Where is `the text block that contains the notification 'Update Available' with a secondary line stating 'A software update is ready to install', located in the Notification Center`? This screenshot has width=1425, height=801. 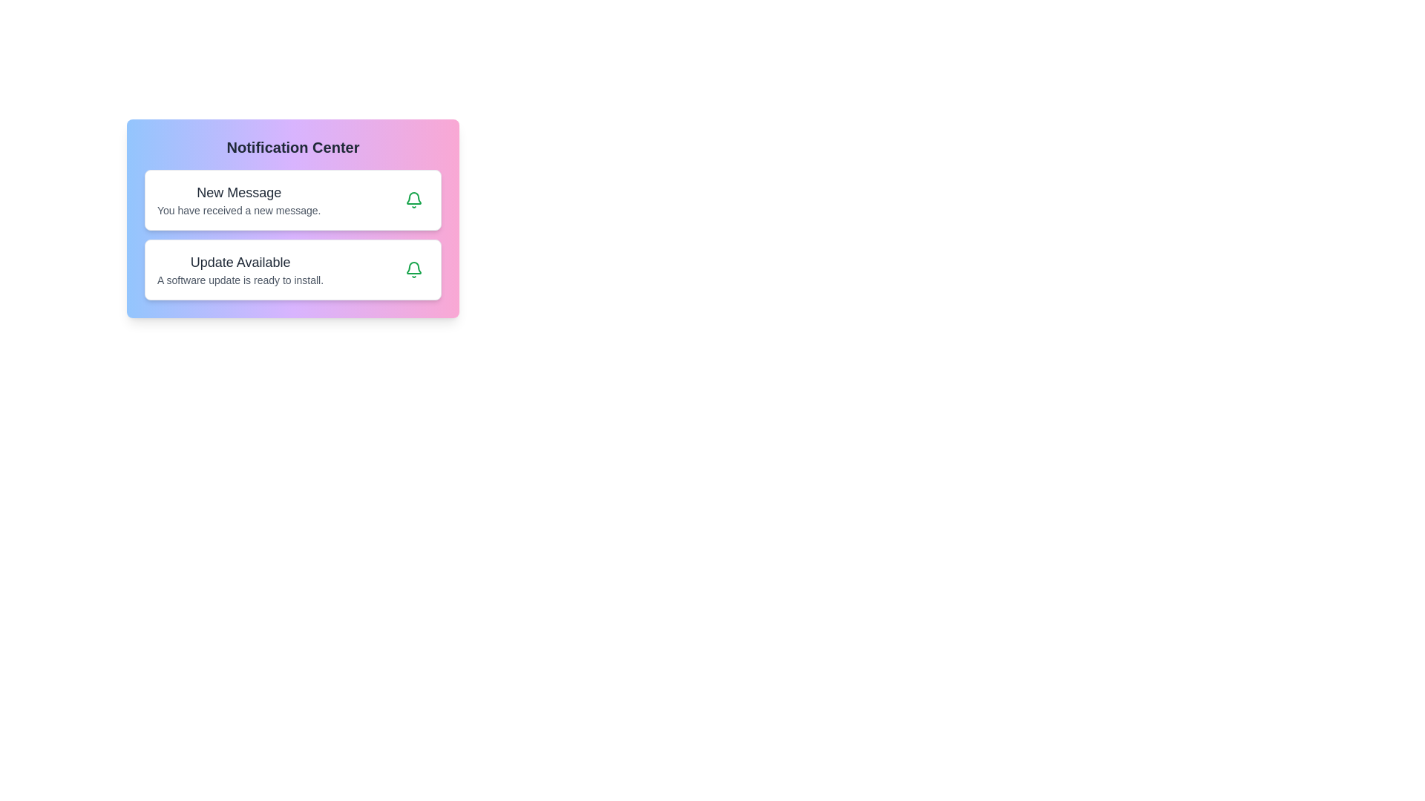
the text block that contains the notification 'Update Available' with a secondary line stating 'A software update is ready to install', located in the Notification Center is located at coordinates (240, 269).